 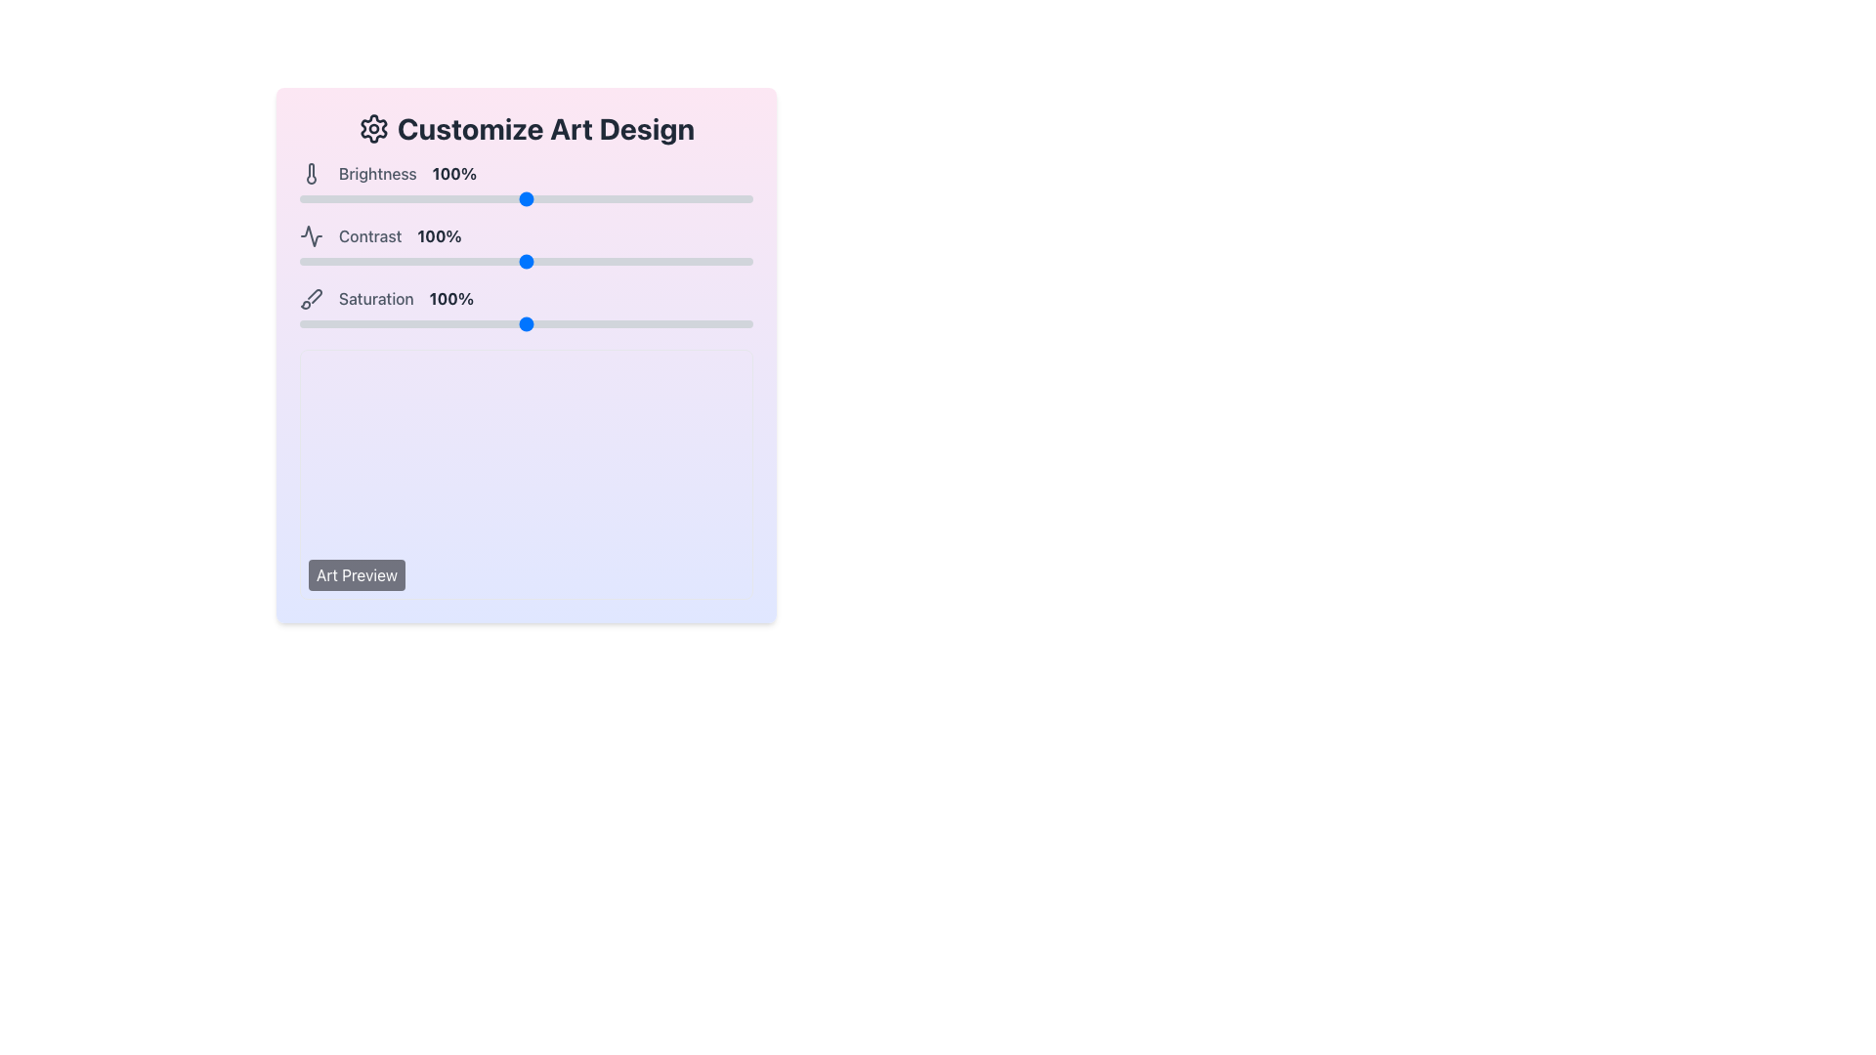 I want to click on the brightness level, so click(x=647, y=199).